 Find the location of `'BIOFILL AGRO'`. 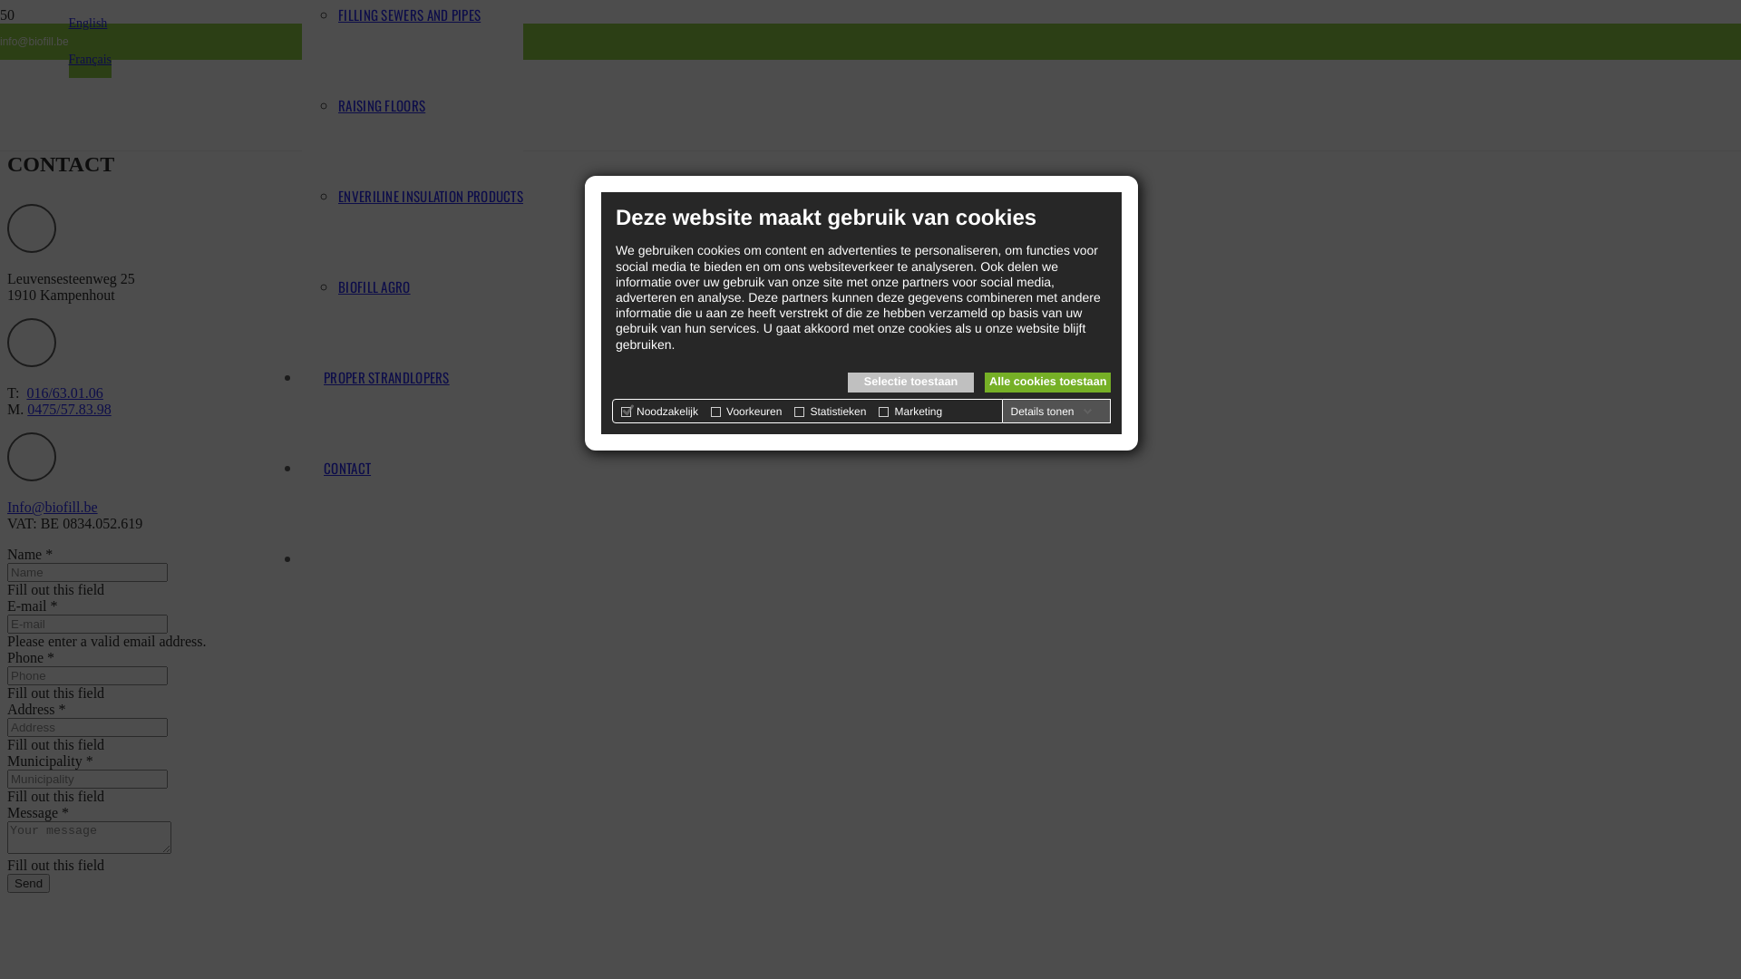

'BIOFILL AGRO' is located at coordinates (373, 286).